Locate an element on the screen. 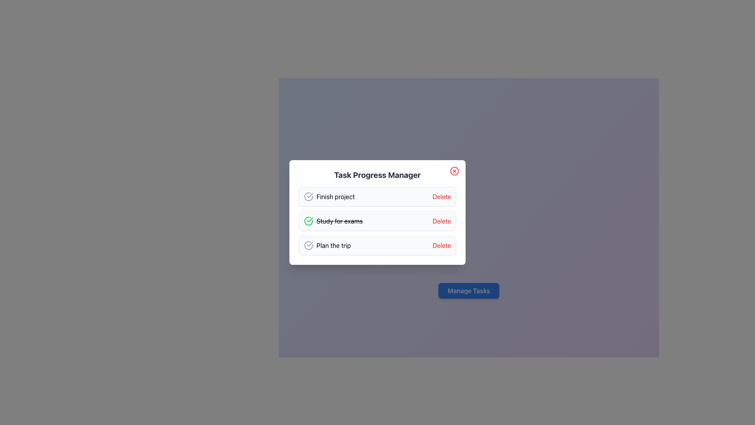 The width and height of the screenshot is (755, 425). the delete button associated with the 'Plan the trip' task in the task manager is located at coordinates (442, 245).